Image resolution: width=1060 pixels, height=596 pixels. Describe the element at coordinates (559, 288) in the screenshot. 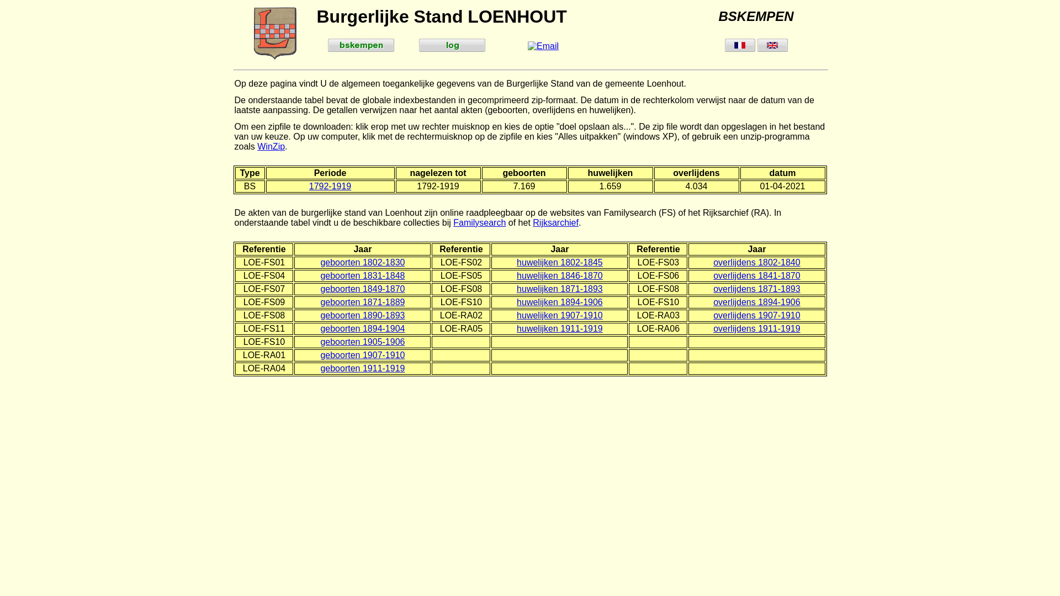

I see `'huwelijken 1871-1893'` at that location.